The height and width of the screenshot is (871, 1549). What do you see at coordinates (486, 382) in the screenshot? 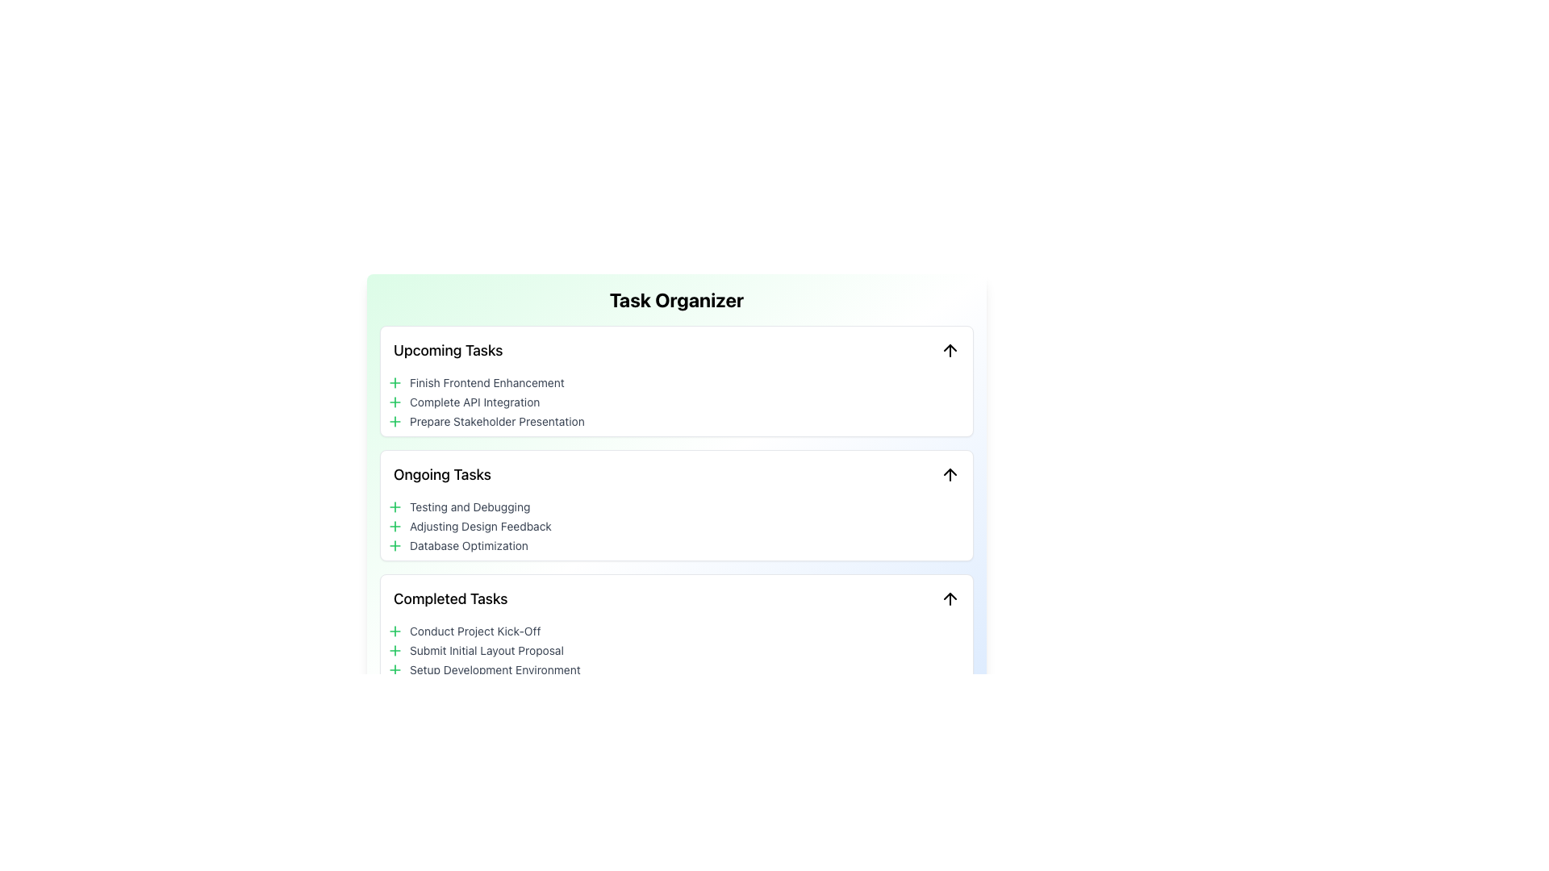
I see `the text label for the task 'Finish Frontend Enhancement' in the 'Upcoming Tasks' section of the 'Task Organizer' panel` at bounding box center [486, 382].